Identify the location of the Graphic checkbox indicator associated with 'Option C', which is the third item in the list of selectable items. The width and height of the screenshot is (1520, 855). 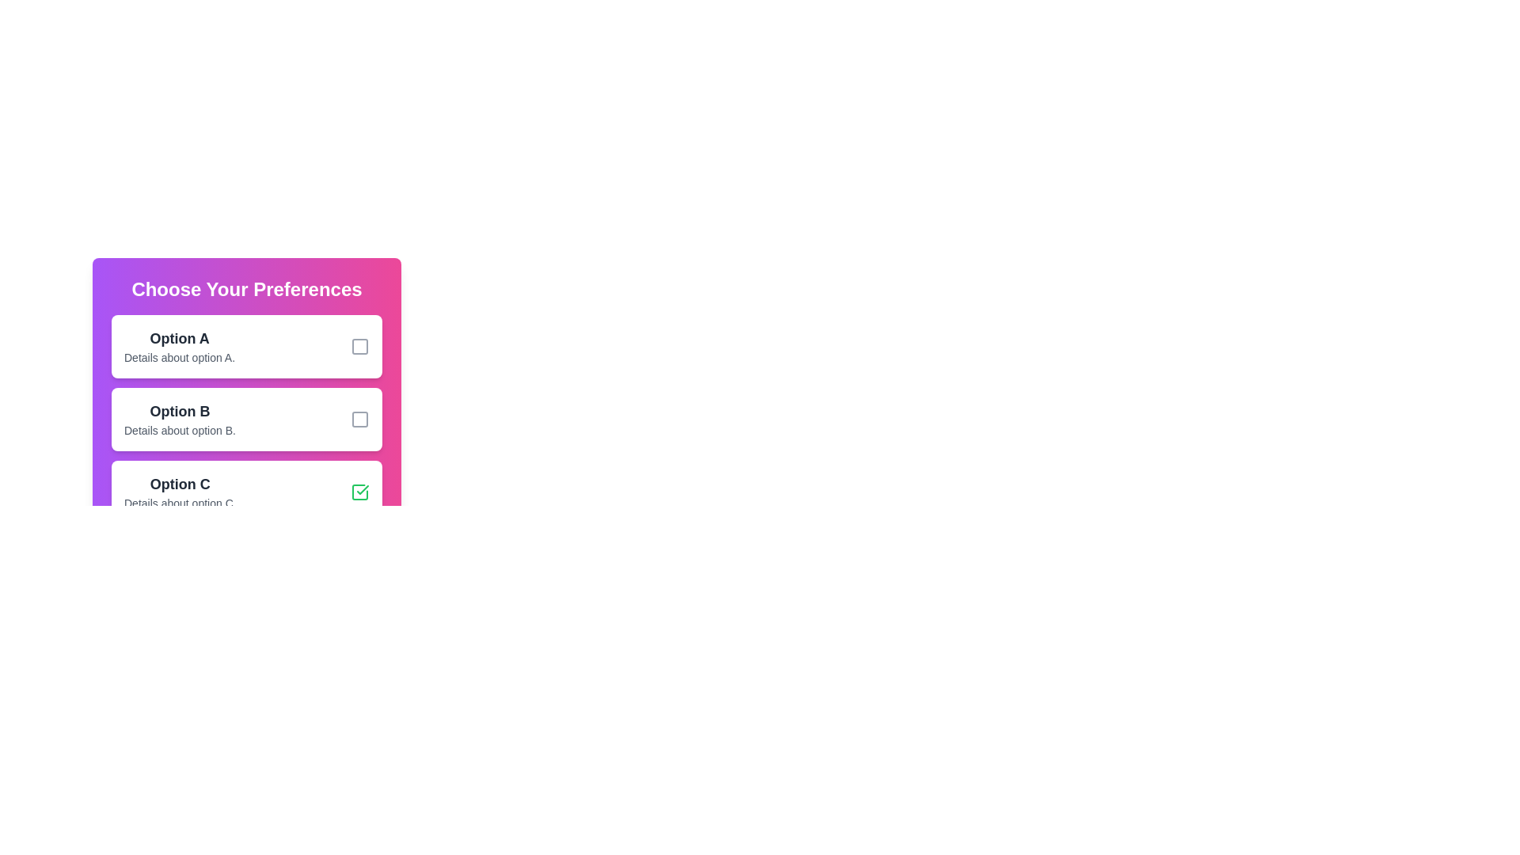
(359, 491).